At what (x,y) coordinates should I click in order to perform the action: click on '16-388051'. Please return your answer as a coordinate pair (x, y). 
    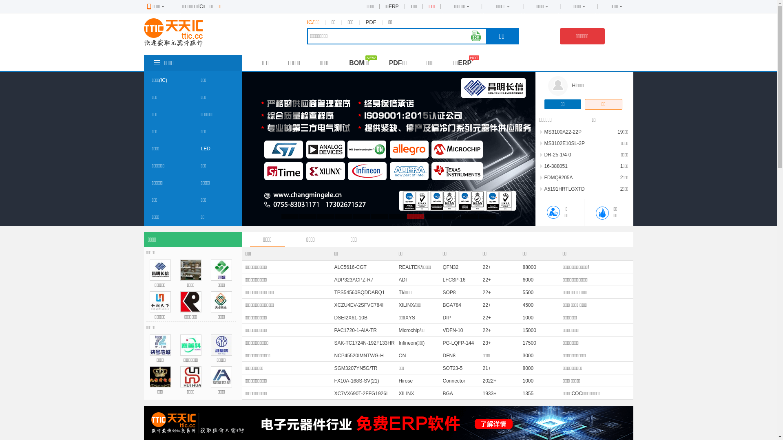
    Looking at the image, I should click on (555, 166).